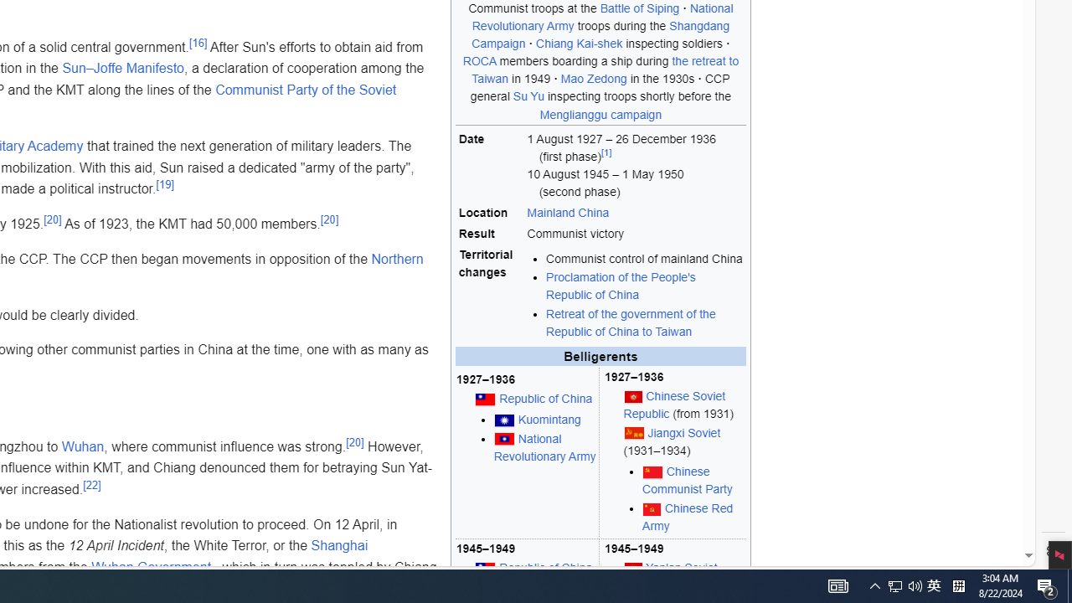 This screenshot has width=1072, height=603. What do you see at coordinates (600, 35) in the screenshot?
I see `'Shangdang Campaign'` at bounding box center [600, 35].